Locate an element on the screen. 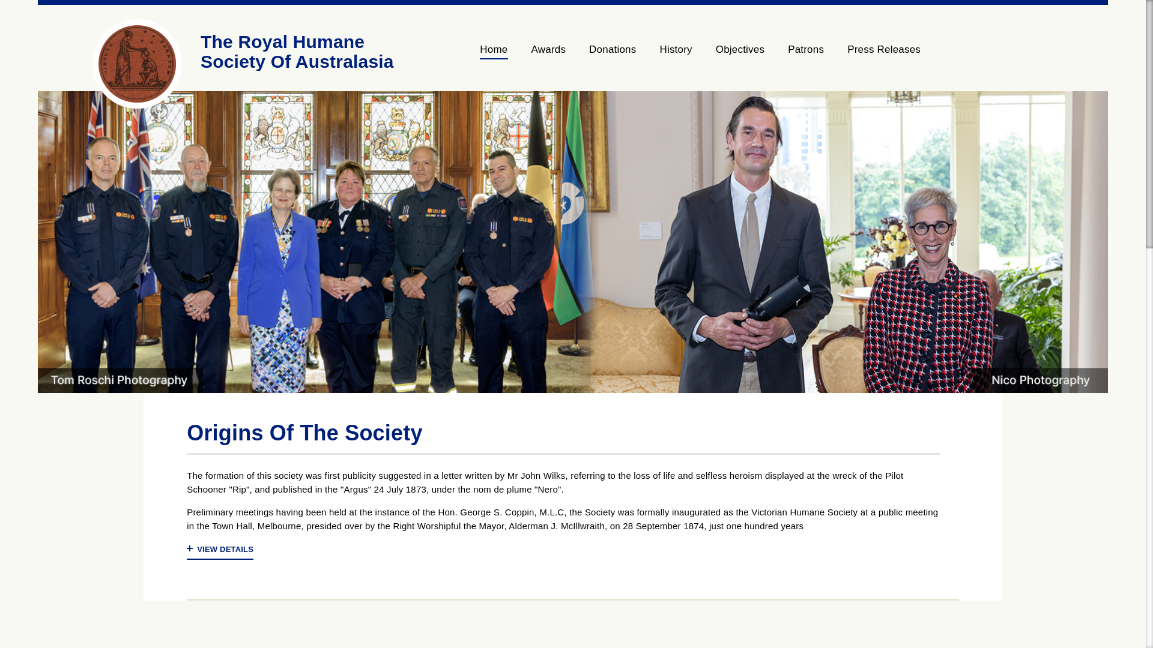 The image size is (1153, 648). 'Awards' is located at coordinates (548, 55).